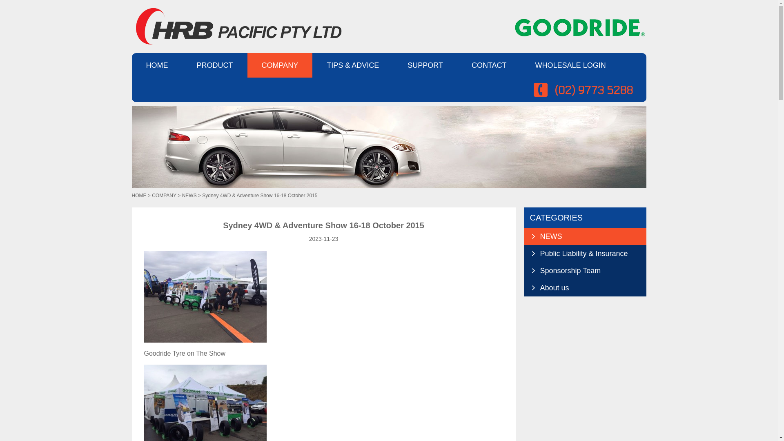  Describe the element at coordinates (584, 236) in the screenshot. I see `'NEWS'` at that location.